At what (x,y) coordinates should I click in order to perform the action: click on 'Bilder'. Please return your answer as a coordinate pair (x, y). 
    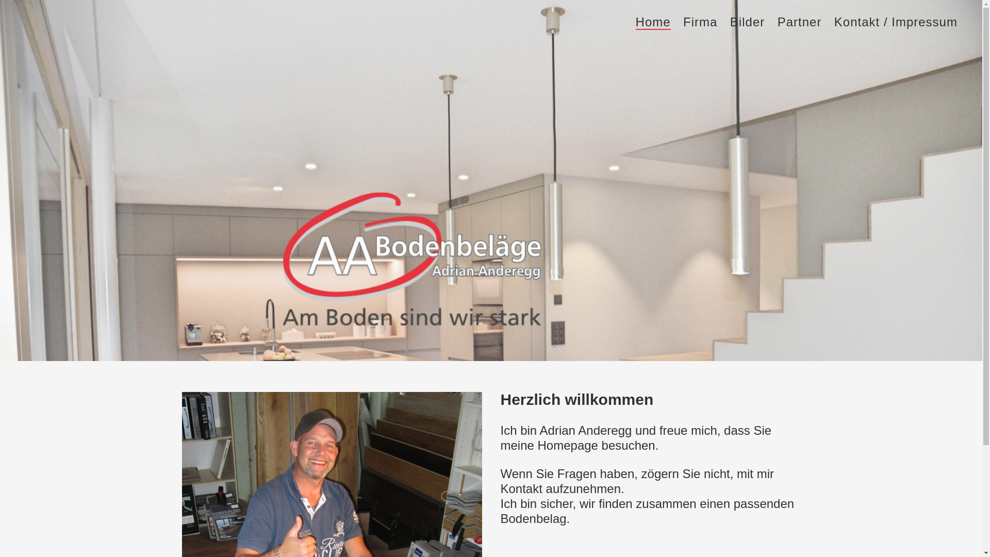
    Looking at the image, I should click on (747, 22).